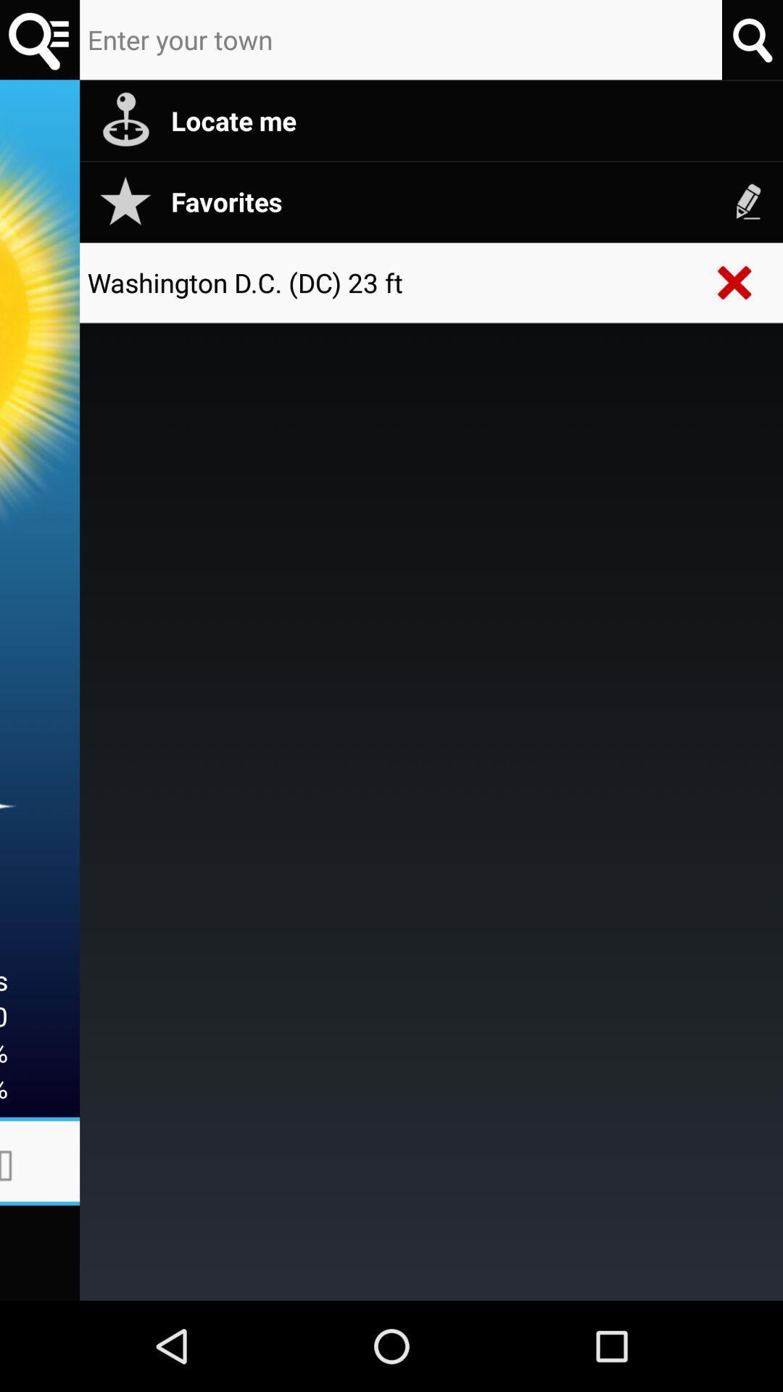 This screenshot has width=783, height=1392. What do you see at coordinates (39, 40) in the screenshot?
I see `search button option` at bounding box center [39, 40].